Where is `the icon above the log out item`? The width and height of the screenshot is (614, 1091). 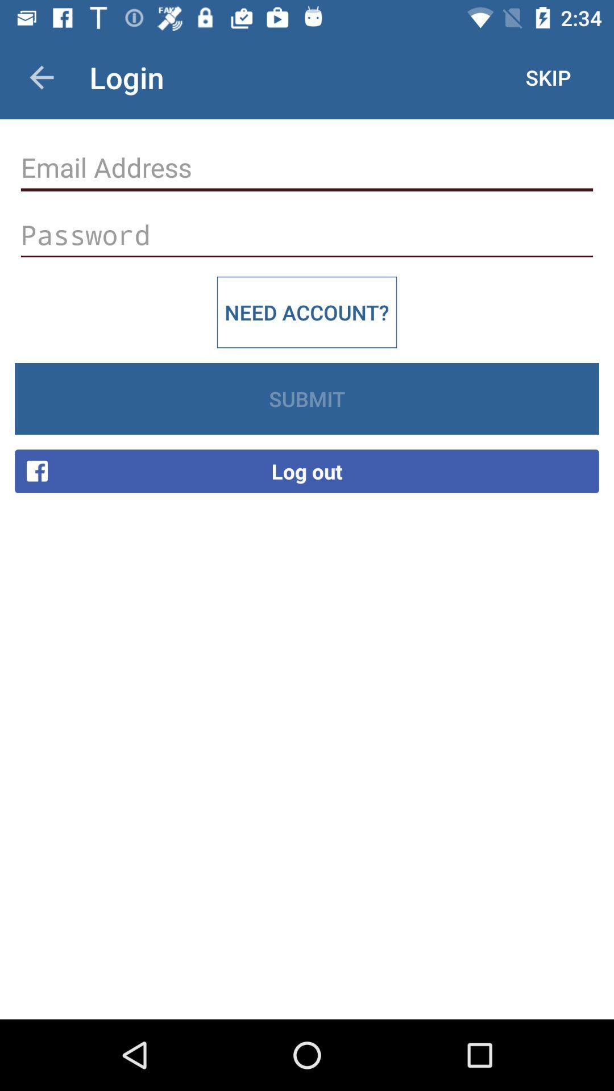 the icon above the log out item is located at coordinates (307, 398).